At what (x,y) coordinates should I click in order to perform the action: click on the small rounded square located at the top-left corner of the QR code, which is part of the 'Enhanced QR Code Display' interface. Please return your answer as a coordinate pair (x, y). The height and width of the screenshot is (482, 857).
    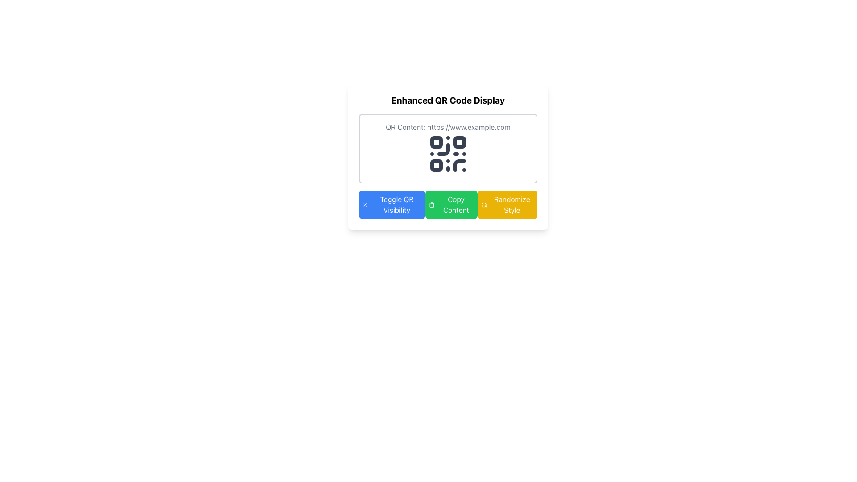
    Looking at the image, I should click on (437, 142).